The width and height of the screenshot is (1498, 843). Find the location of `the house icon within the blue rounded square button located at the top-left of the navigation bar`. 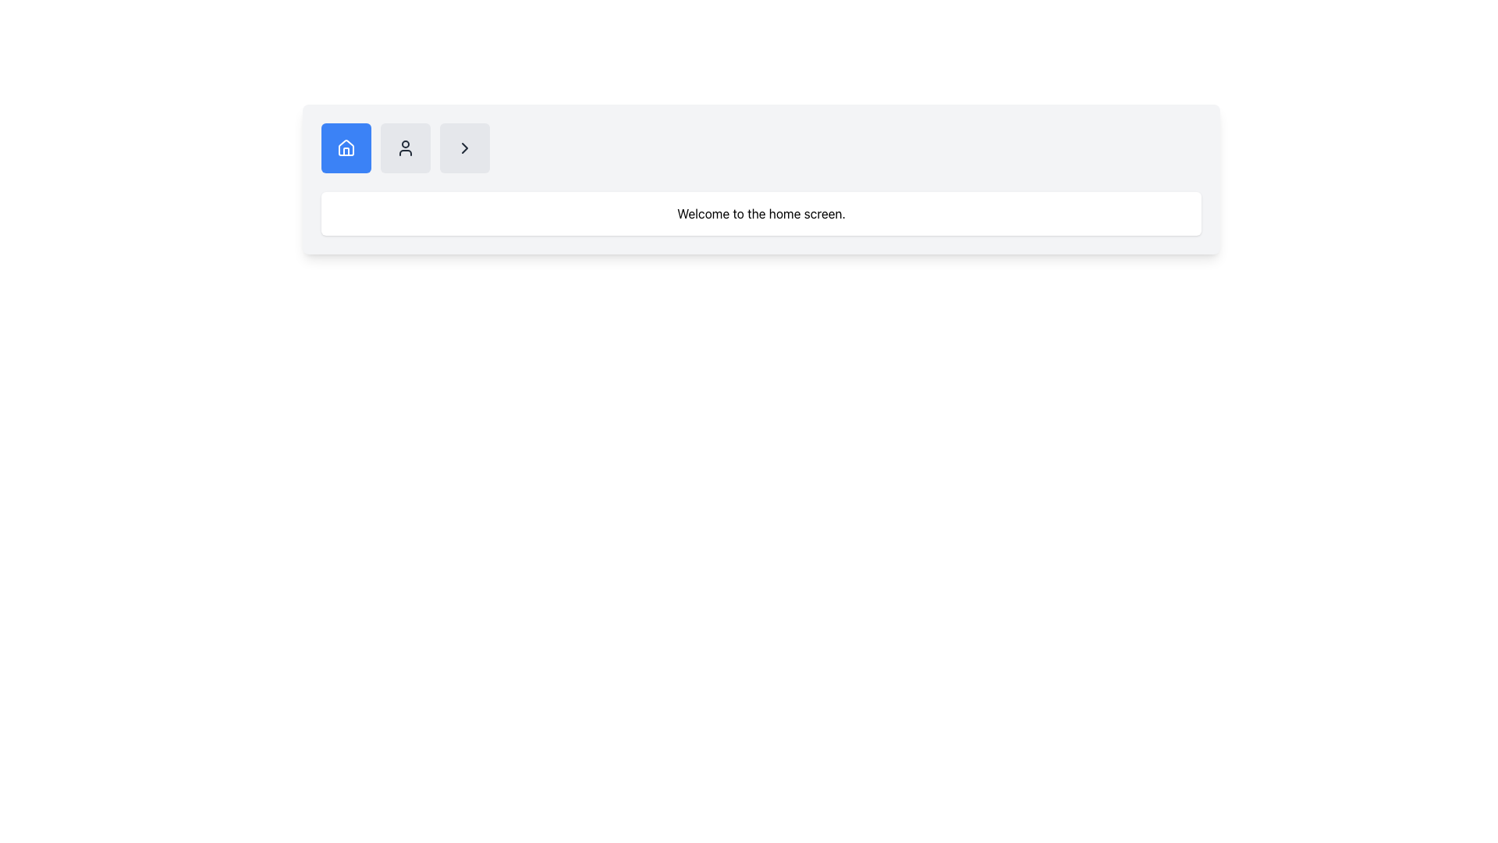

the house icon within the blue rounded square button located at the top-left of the navigation bar is located at coordinates (346, 148).